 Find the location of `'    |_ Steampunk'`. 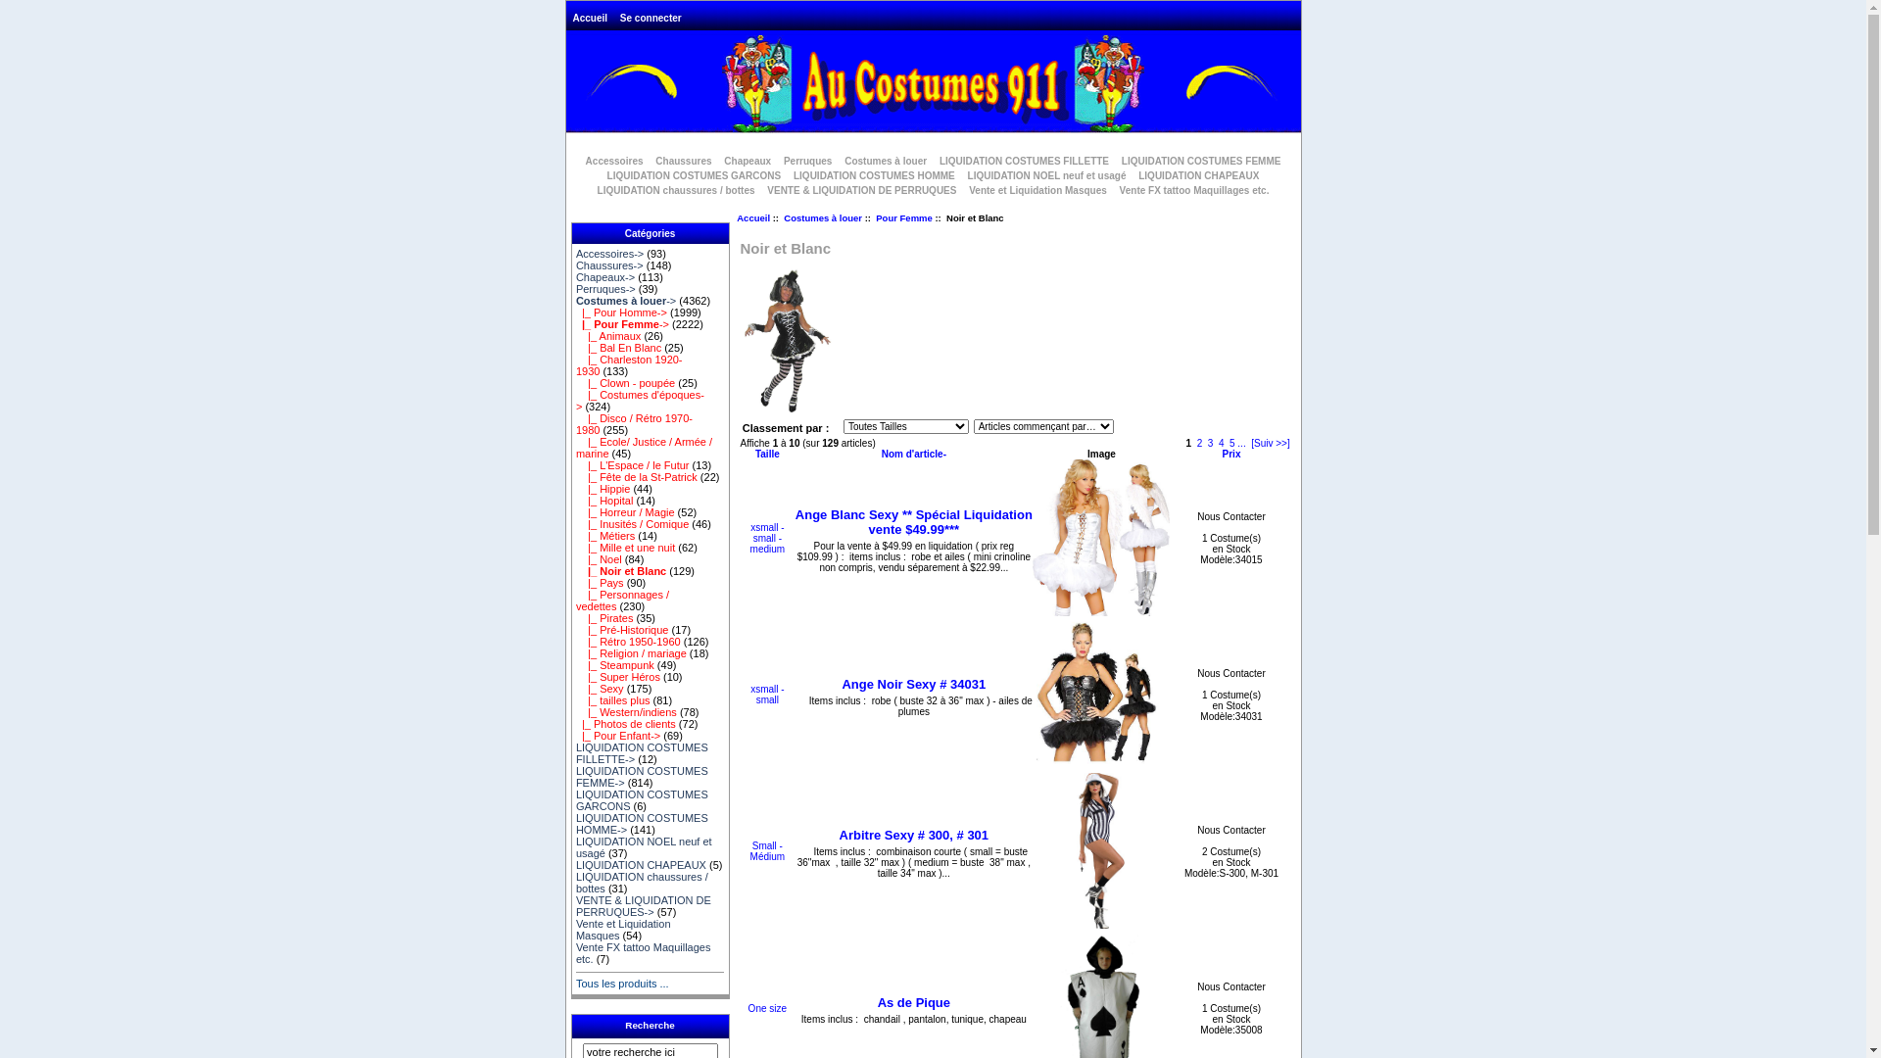

'    |_ Steampunk' is located at coordinates (614, 663).